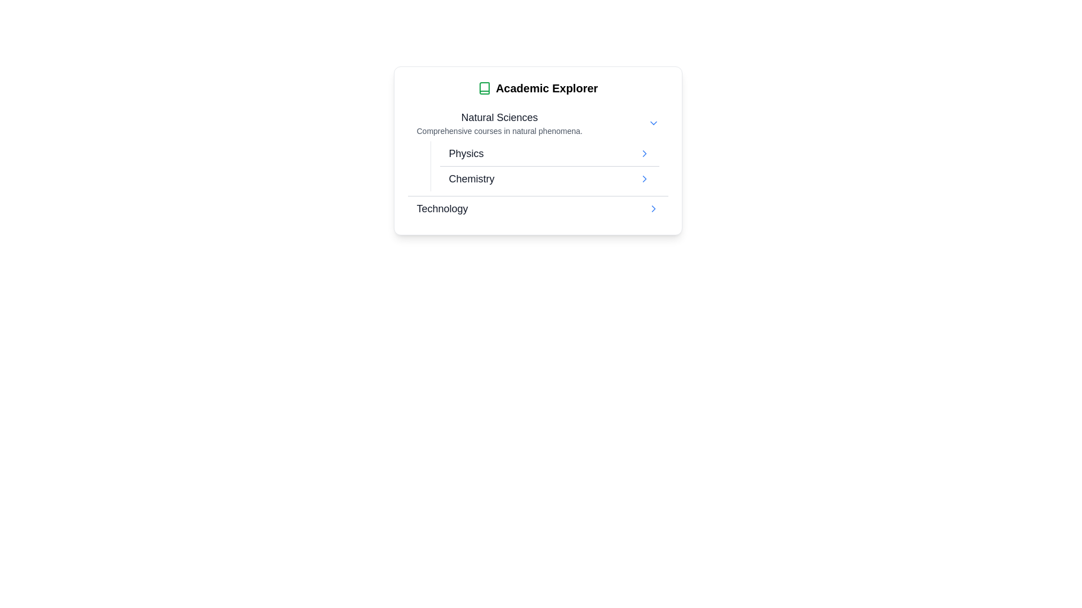  I want to click on the 'Chemistry' list item, so click(549, 178).